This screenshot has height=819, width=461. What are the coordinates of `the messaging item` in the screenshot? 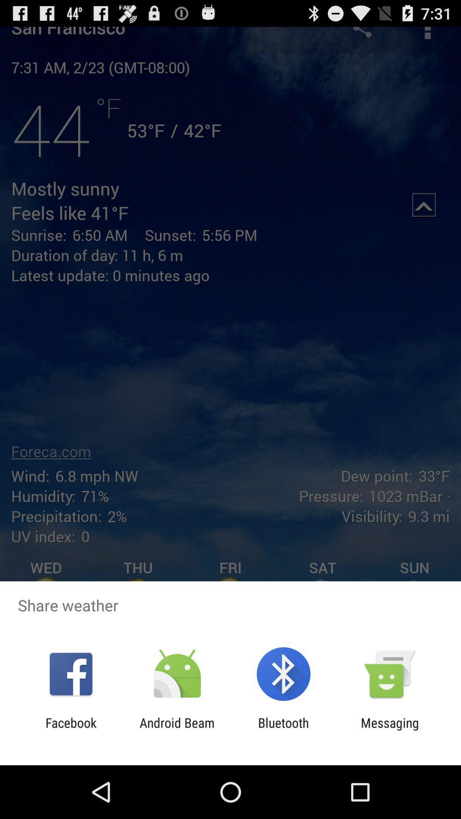 It's located at (390, 730).